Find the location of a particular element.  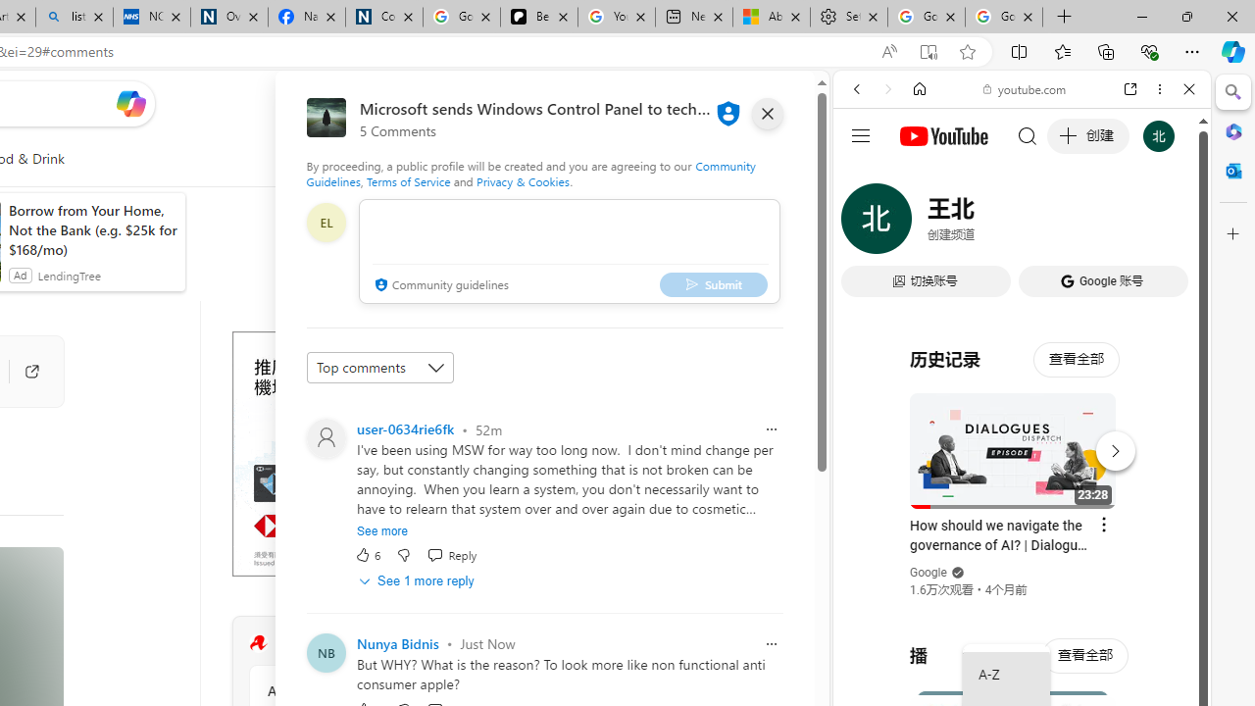

'See 1 more reply' is located at coordinates (417, 580).